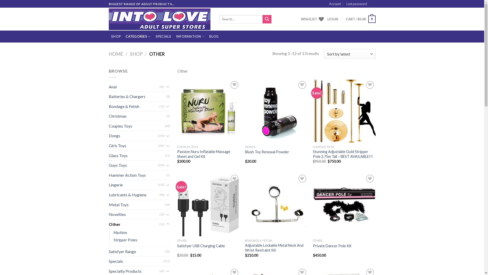  What do you see at coordinates (134, 214) in the screenshot?
I see `'Novelties'` at bounding box center [134, 214].